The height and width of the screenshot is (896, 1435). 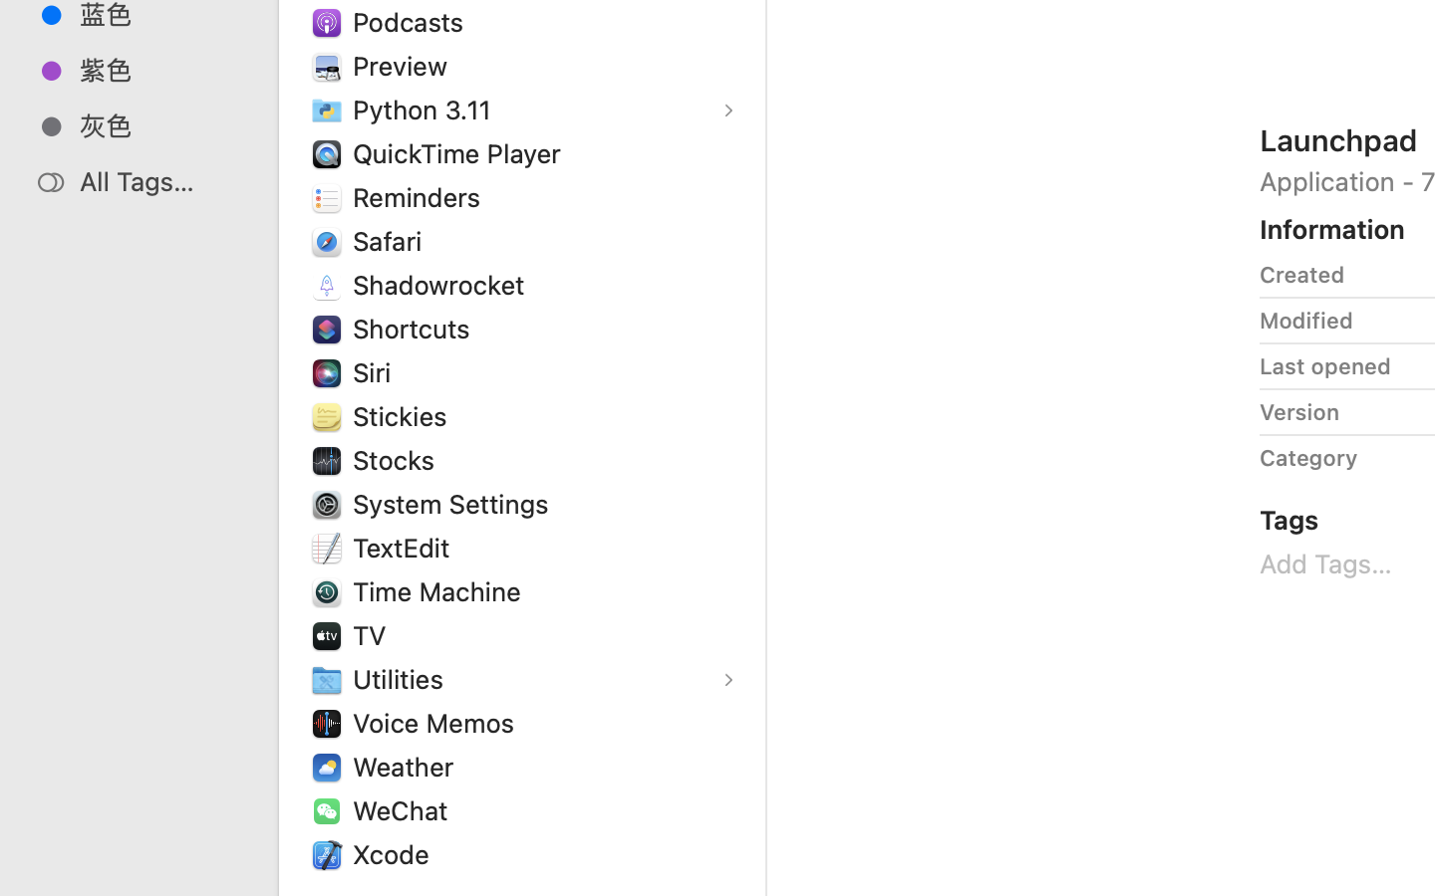 I want to click on '紫色', so click(x=158, y=69).